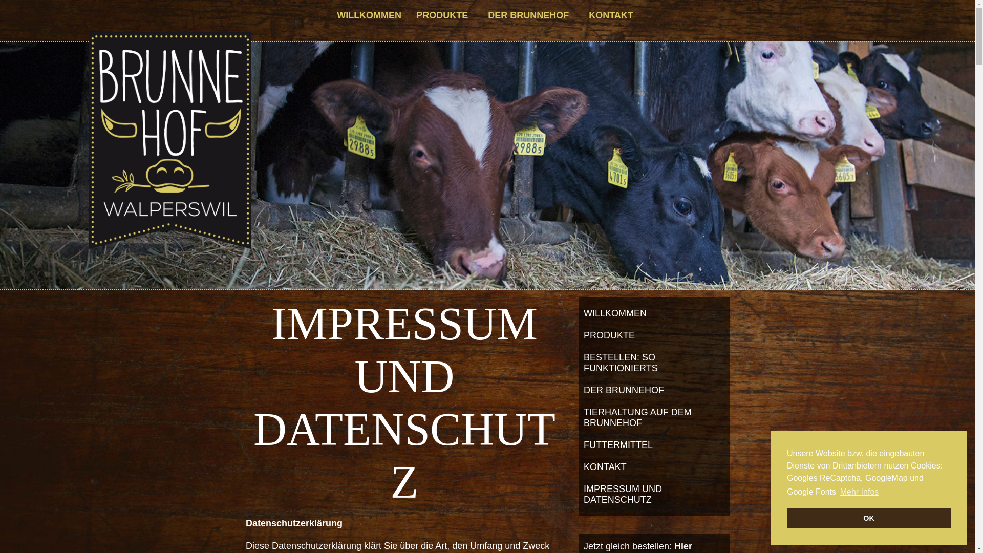  What do you see at coordinates (584, 467) in the screenshot?
I see `'KONTAKT'` at bounding box center [584, 467].